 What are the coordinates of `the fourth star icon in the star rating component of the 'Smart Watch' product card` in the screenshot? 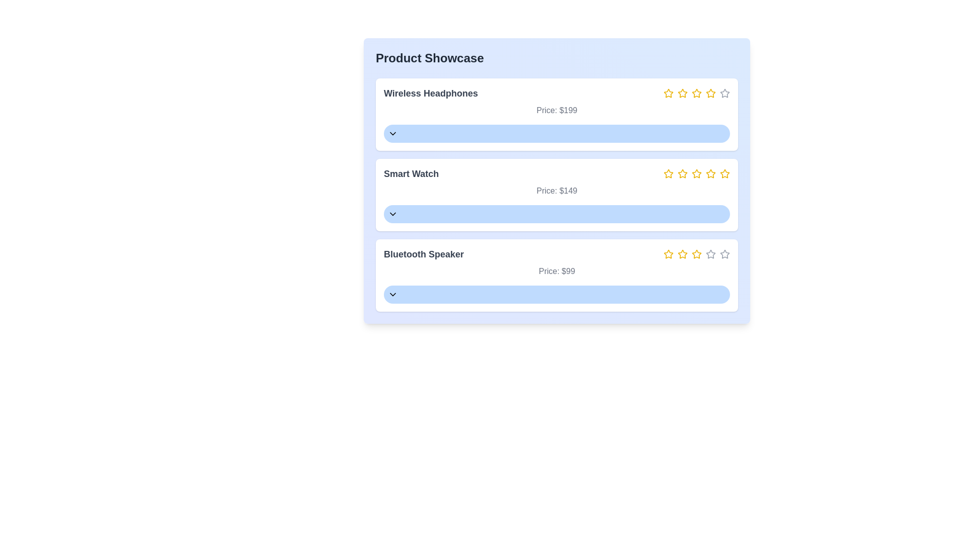 It's located at (696, 173).